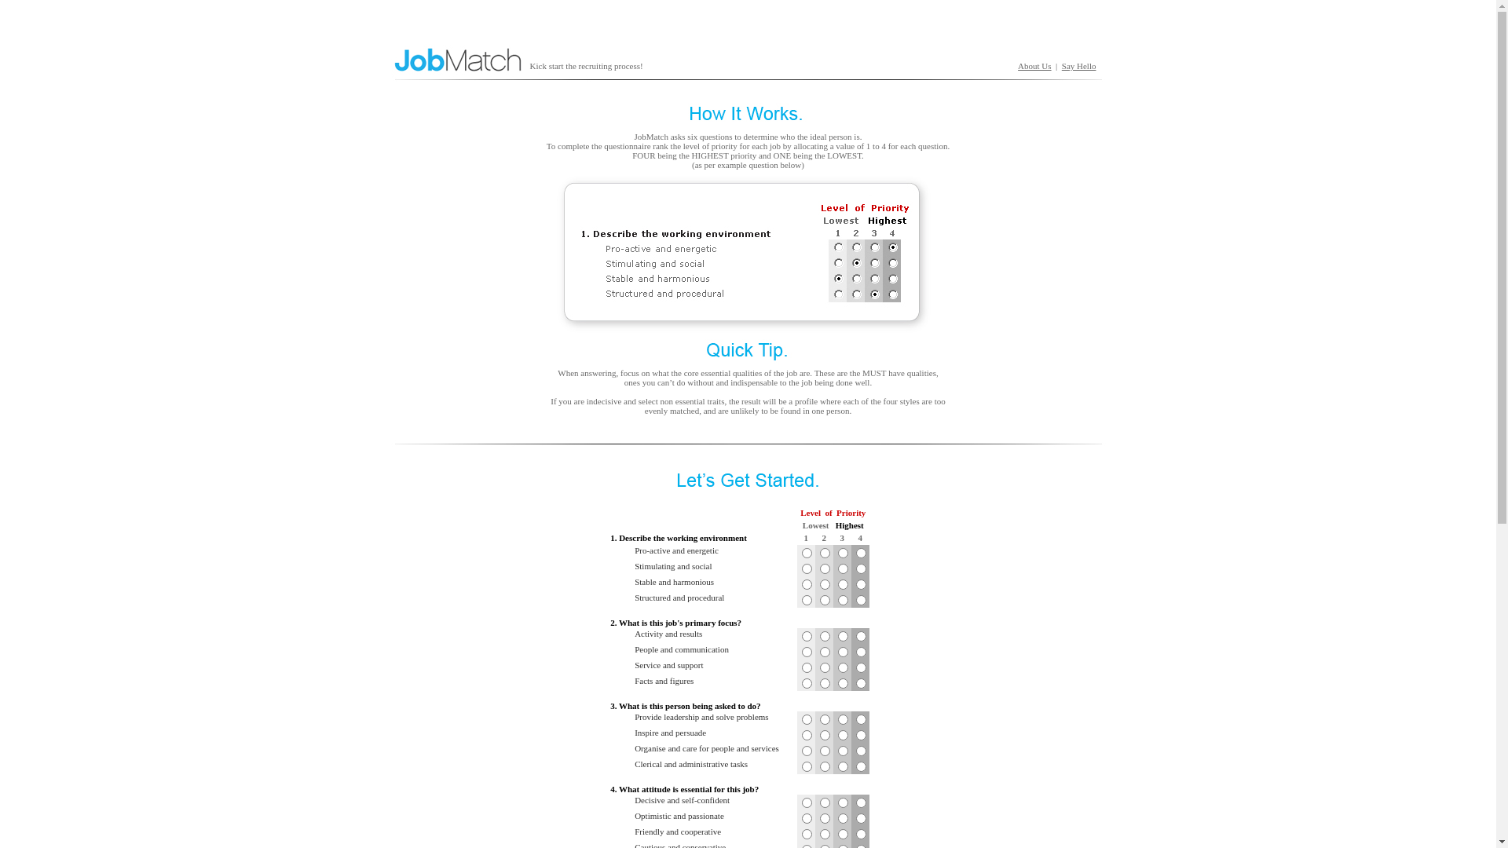 The width and height of the screenshot is (1508, 848). I want to click on 'Say Hello', so click(1078, 65).